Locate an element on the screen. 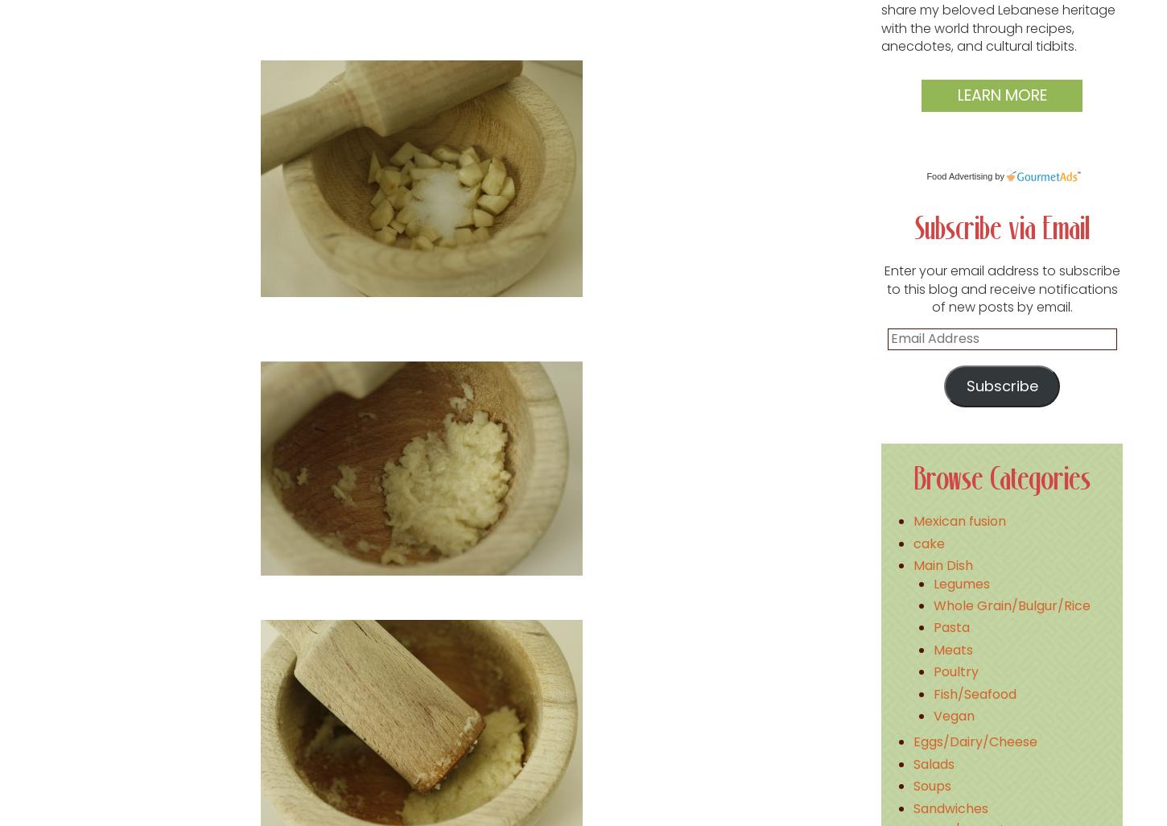 The image size is (1167, 826). 'Vegan' is located at coordinates (953, 714).